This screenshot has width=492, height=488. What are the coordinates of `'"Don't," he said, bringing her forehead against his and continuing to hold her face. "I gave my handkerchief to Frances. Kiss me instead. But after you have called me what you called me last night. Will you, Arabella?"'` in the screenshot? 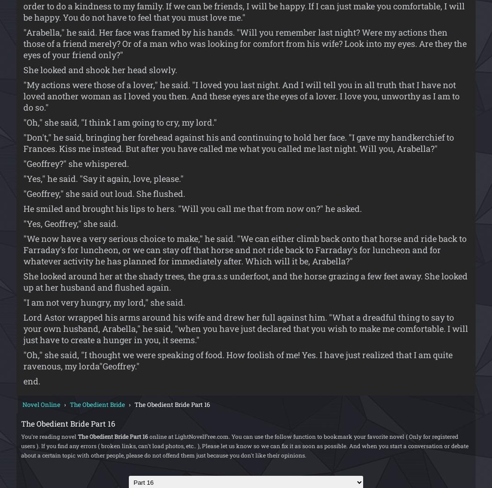 It's located at (238, 142).